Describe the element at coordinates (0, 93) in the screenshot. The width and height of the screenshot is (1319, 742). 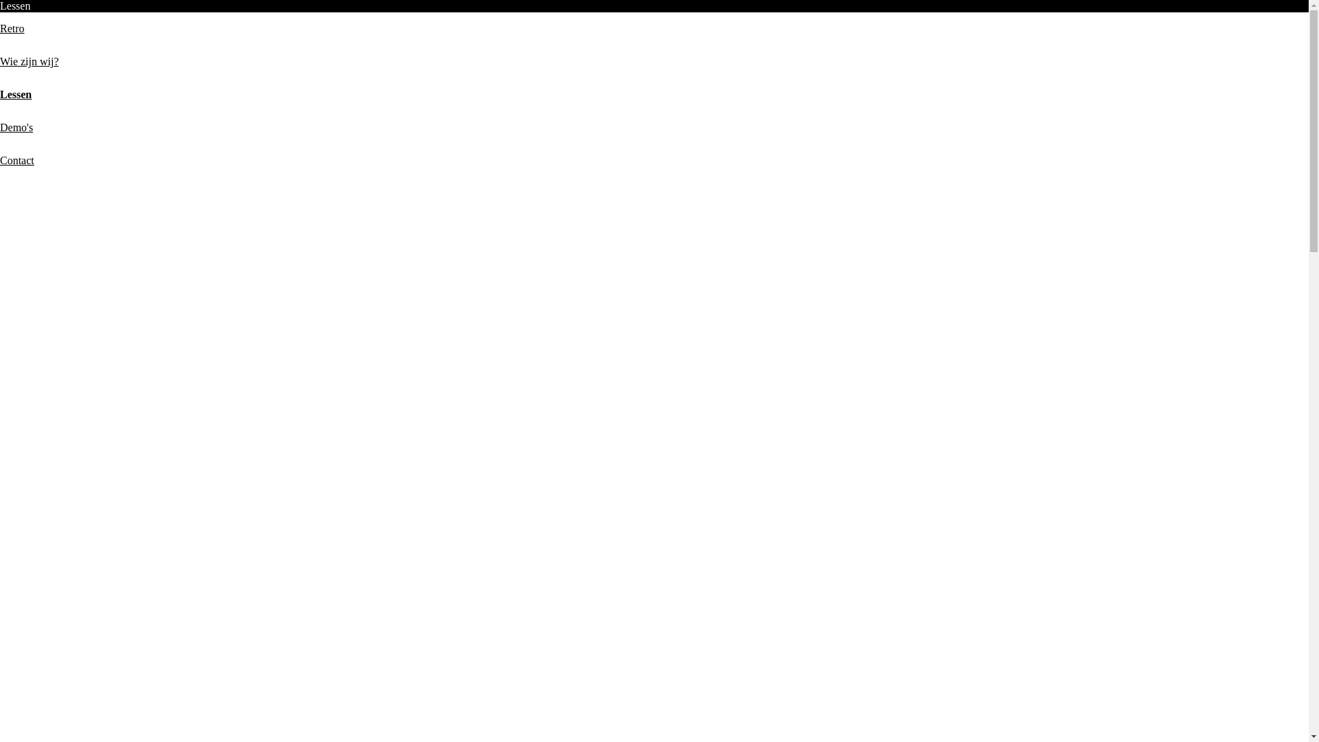
I see `'Lessen'` at that location.